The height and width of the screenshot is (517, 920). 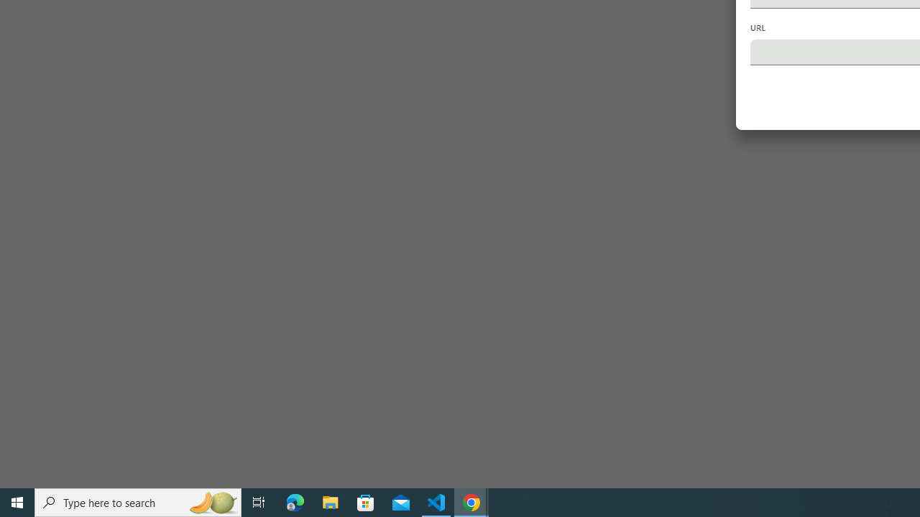 I want to click on 'Start', so click(x=17, y=501).